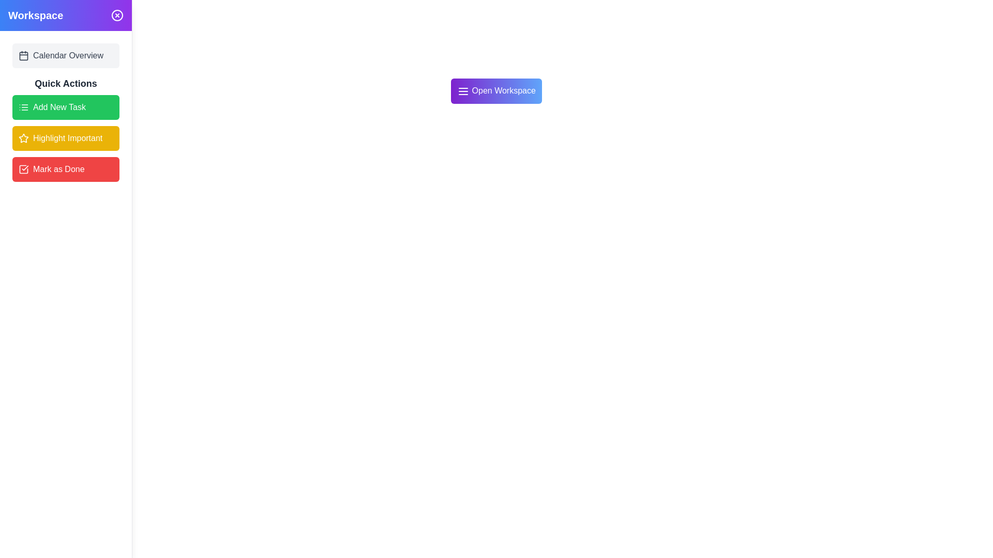  Describe the element at coordinates (65, 129) in the screenshot. I see `the second button under the 'Quick Actions' header on the left sidebar to highlight an item as important` at that location.